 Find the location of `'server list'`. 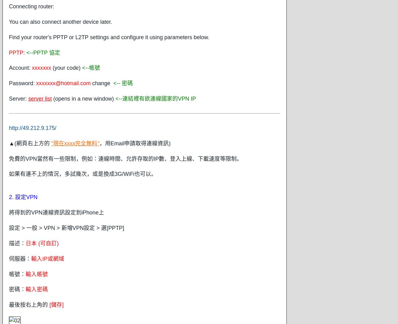

'server list' is located at coordinates (40, 99).